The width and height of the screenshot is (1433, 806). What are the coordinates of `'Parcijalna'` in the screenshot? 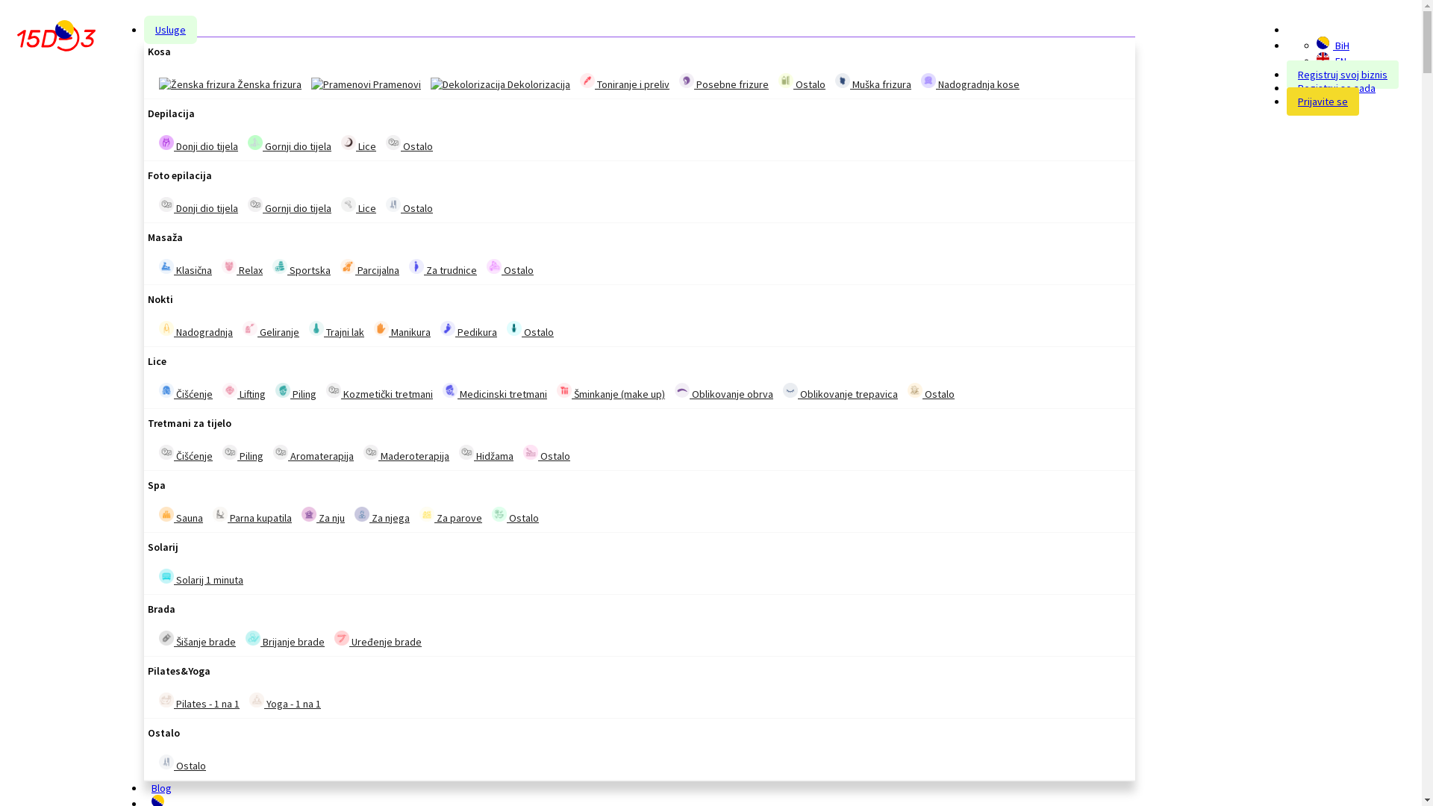 It's located at (346, 266).